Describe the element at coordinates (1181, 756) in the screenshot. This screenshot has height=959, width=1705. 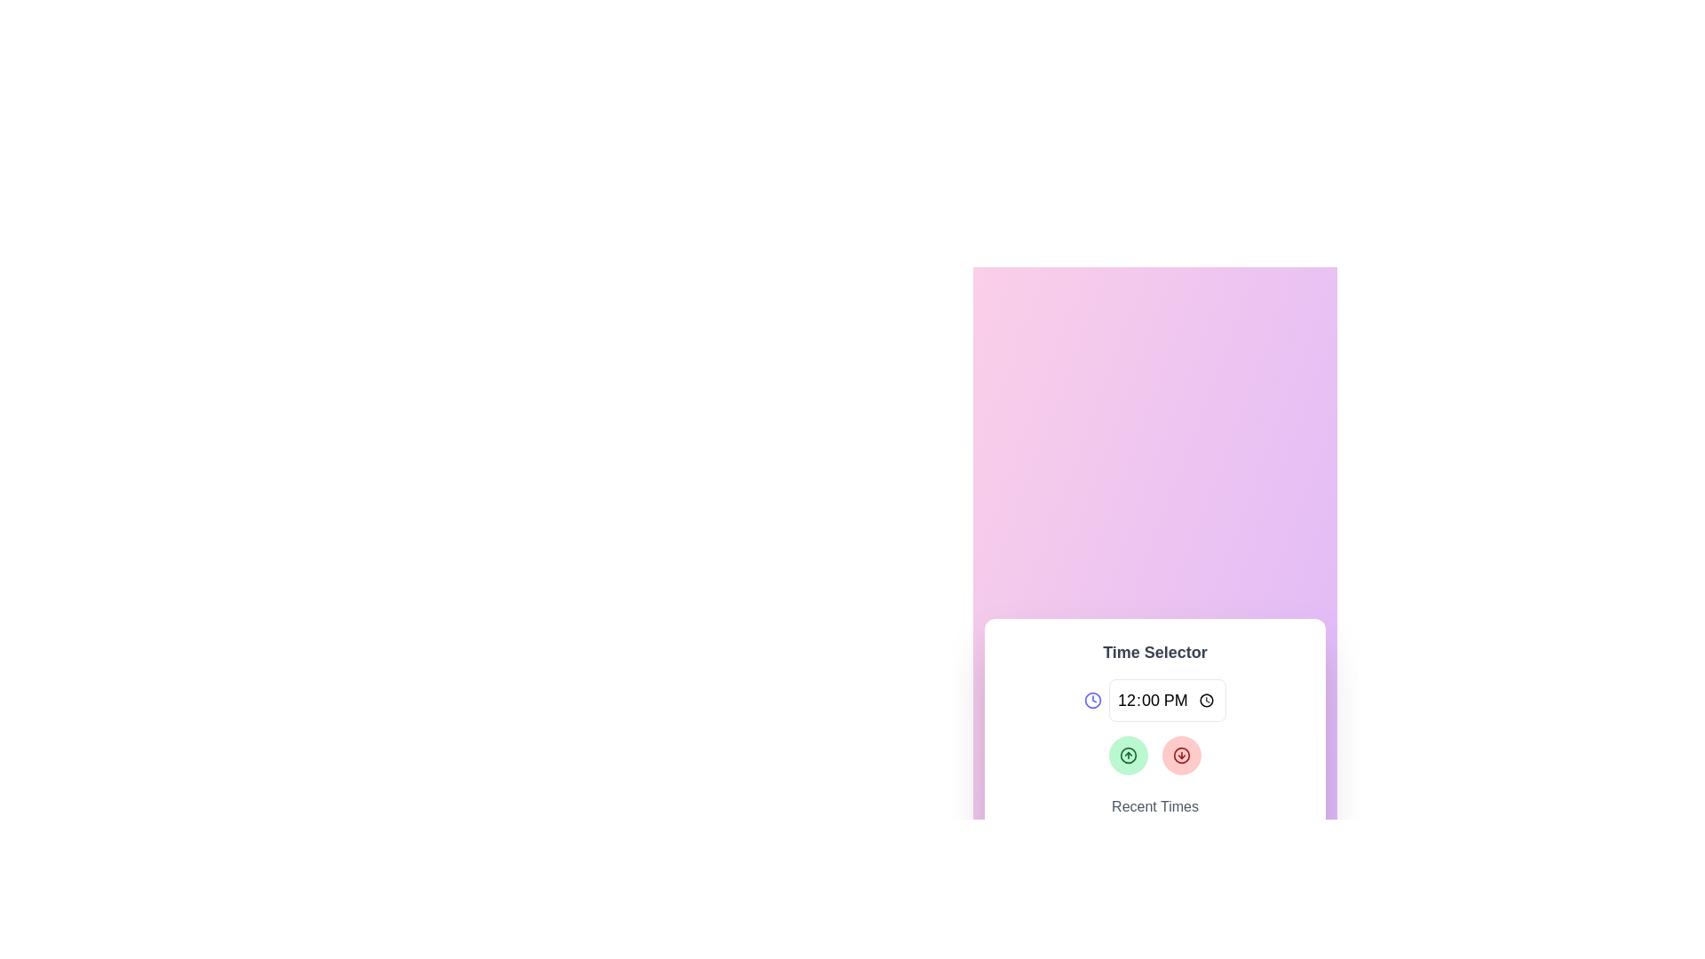
I see `the second button in the horizontal layout of two circular buttons, which serves as a decrement control to reduce the numeric or time value displayed above it` at that location.